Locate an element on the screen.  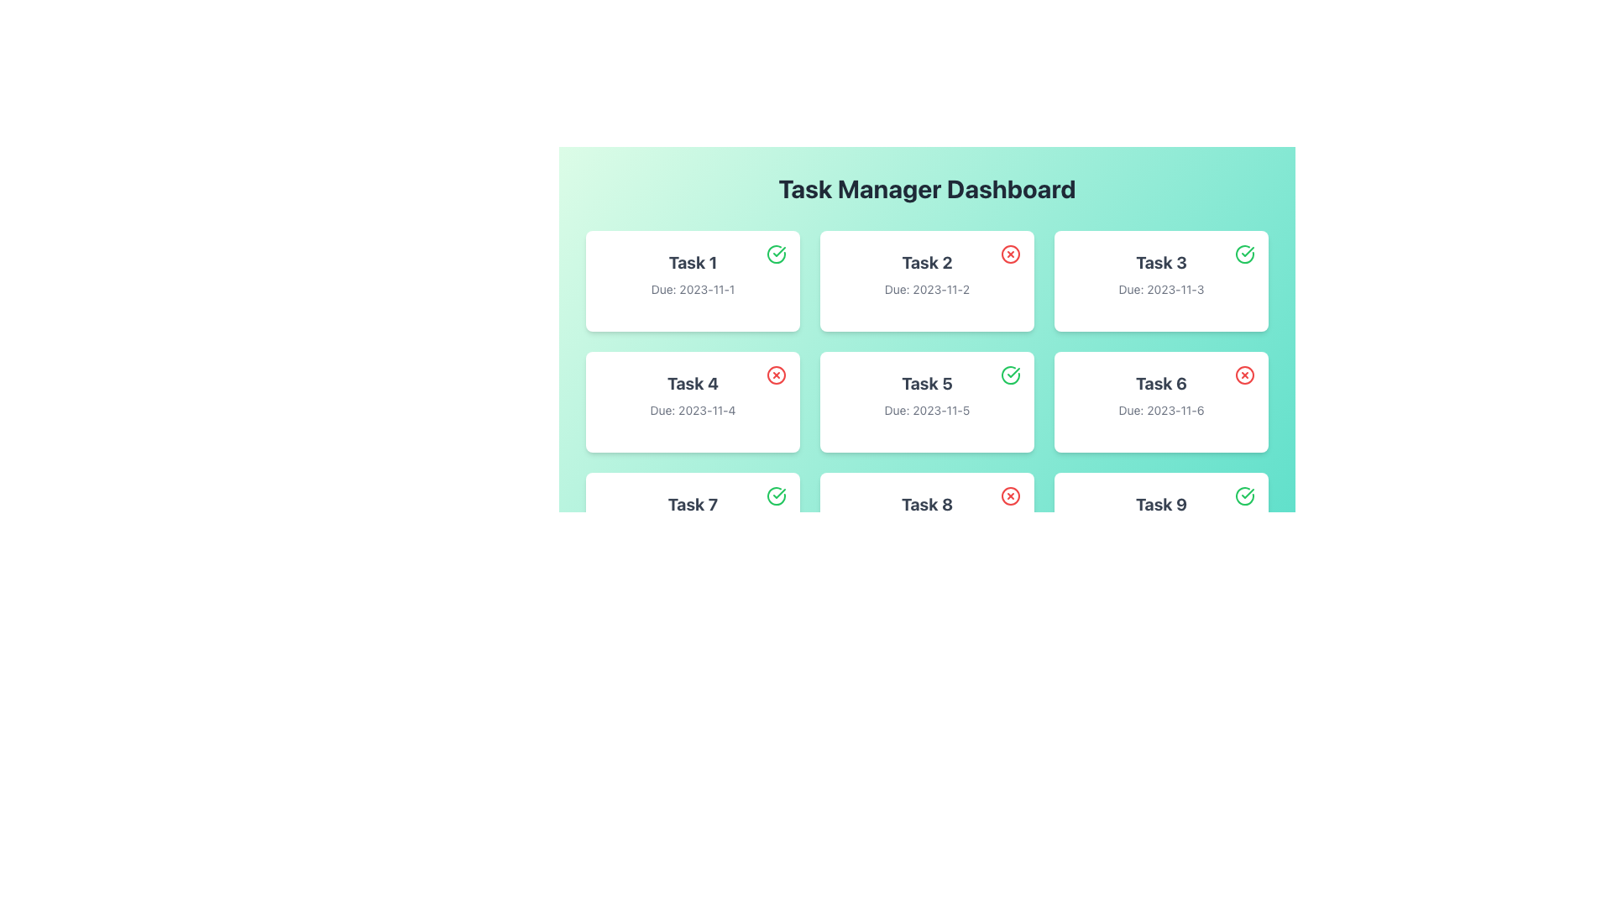
the due date label for 'Task 3', located beneath the task title in the third column of the first row of the grid layout is located at coordinates (1160, 288).